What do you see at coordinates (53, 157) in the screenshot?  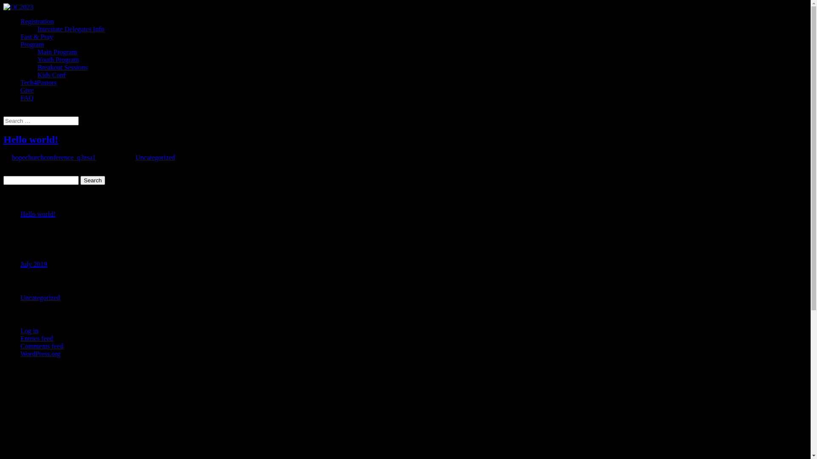 I see `'hopechurchconference_q3zsa1'` at bounding box center [53, 157].